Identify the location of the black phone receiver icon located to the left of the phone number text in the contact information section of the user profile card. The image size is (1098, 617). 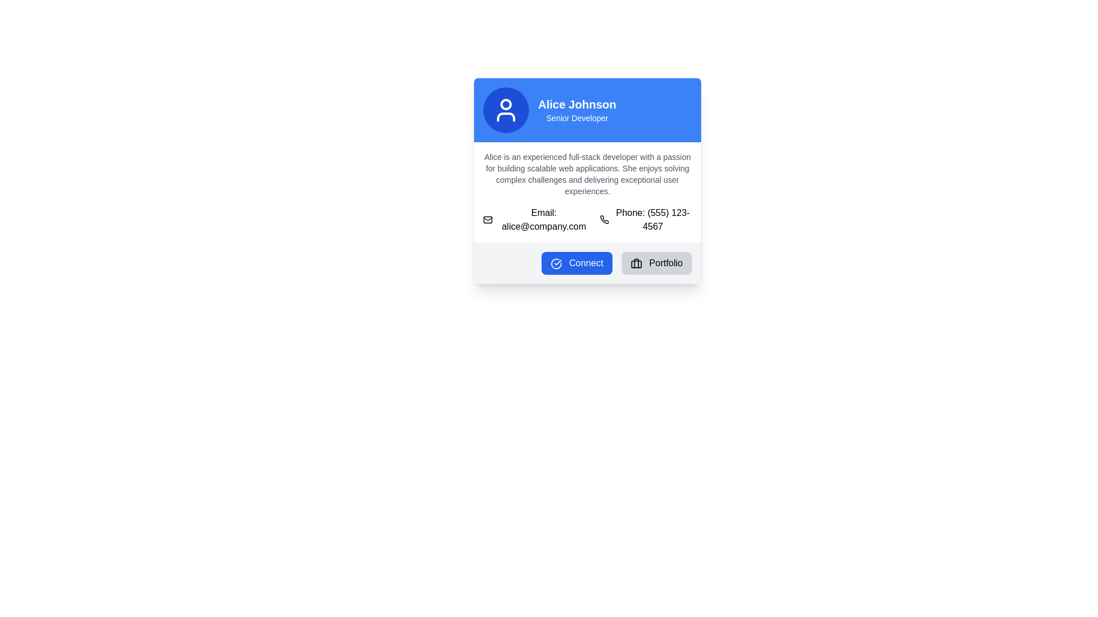
(603, 220).